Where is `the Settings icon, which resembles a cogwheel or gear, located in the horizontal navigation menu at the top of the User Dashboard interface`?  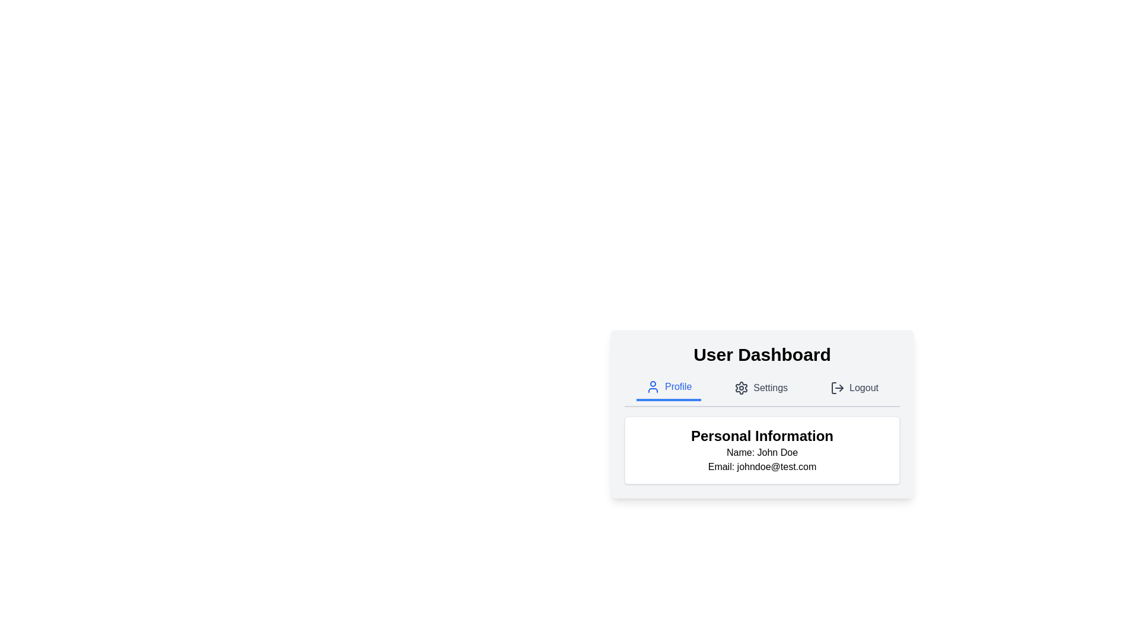
the Settings icon, which resembles a cogwheel or gear, located in the horizontal navigation menu at the top of the User Dashboard interface is located at coordinates (741, 388).